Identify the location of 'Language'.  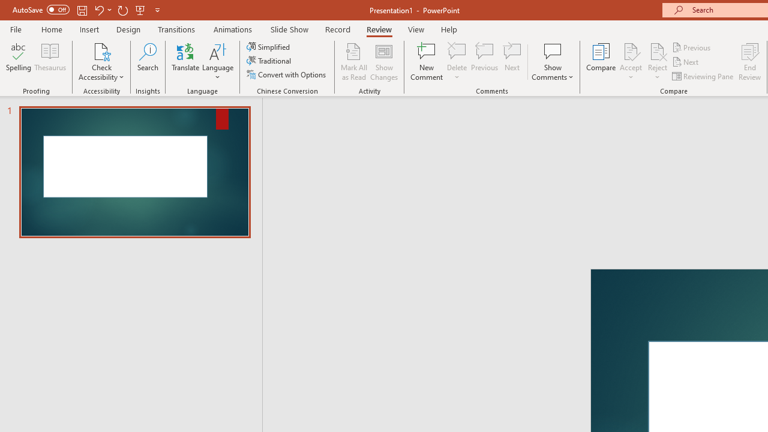
(218, 62).